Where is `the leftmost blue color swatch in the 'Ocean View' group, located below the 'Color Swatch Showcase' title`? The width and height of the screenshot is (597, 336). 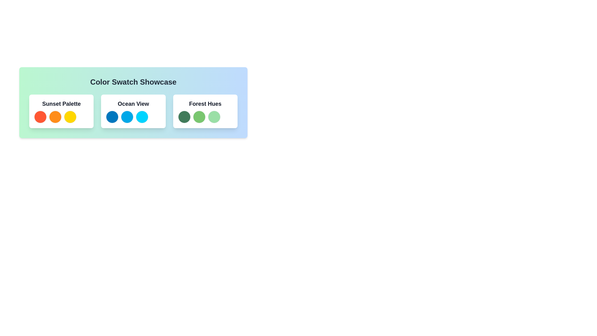 the leftmost blue color swatch in the 'Ocean View' group, located below the 'Color Swatch Showcase' title is located at coordinates (112, 117).